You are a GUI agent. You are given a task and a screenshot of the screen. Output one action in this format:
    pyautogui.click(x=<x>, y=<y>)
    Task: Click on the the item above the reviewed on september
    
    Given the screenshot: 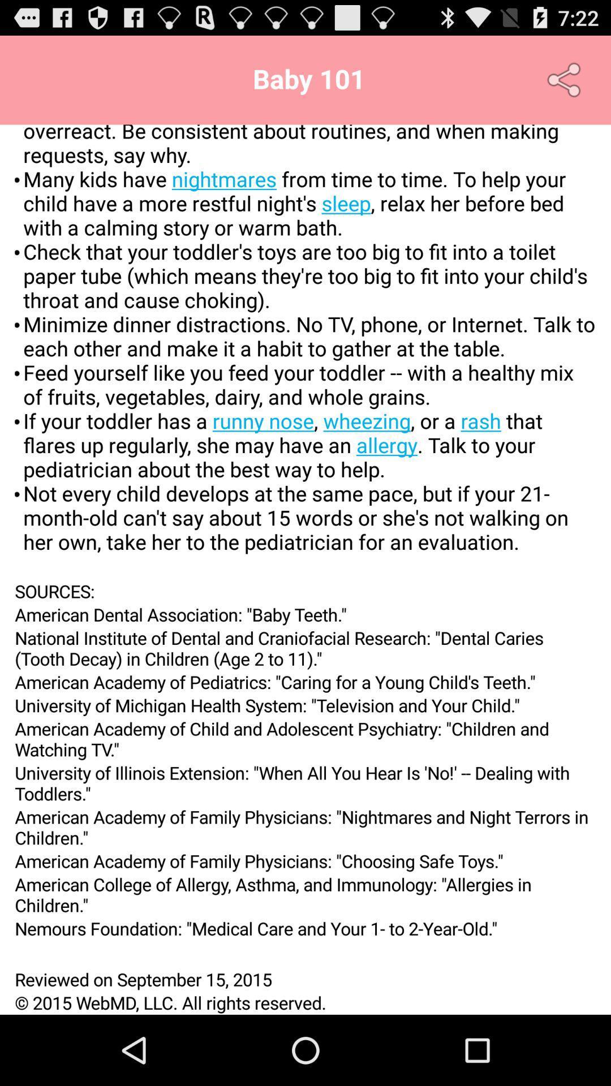 What is the action you would take?
    pyautogui.click(x=305, y=953)
    